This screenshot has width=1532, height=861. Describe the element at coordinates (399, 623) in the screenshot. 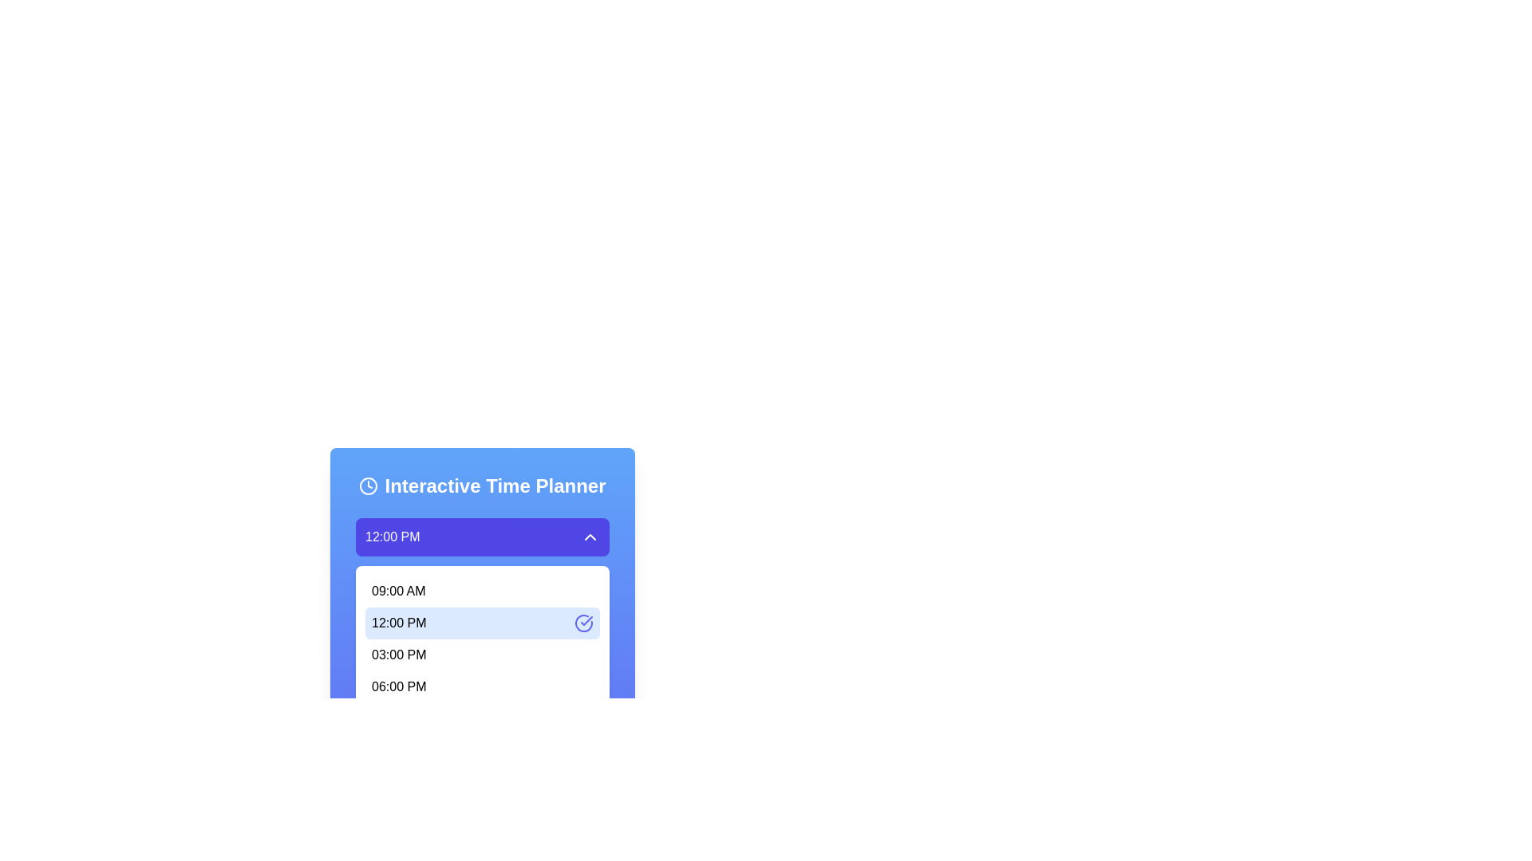

I see `the selectable time option text label in the time planner interface, located to the left of the check mark icon` at that location.